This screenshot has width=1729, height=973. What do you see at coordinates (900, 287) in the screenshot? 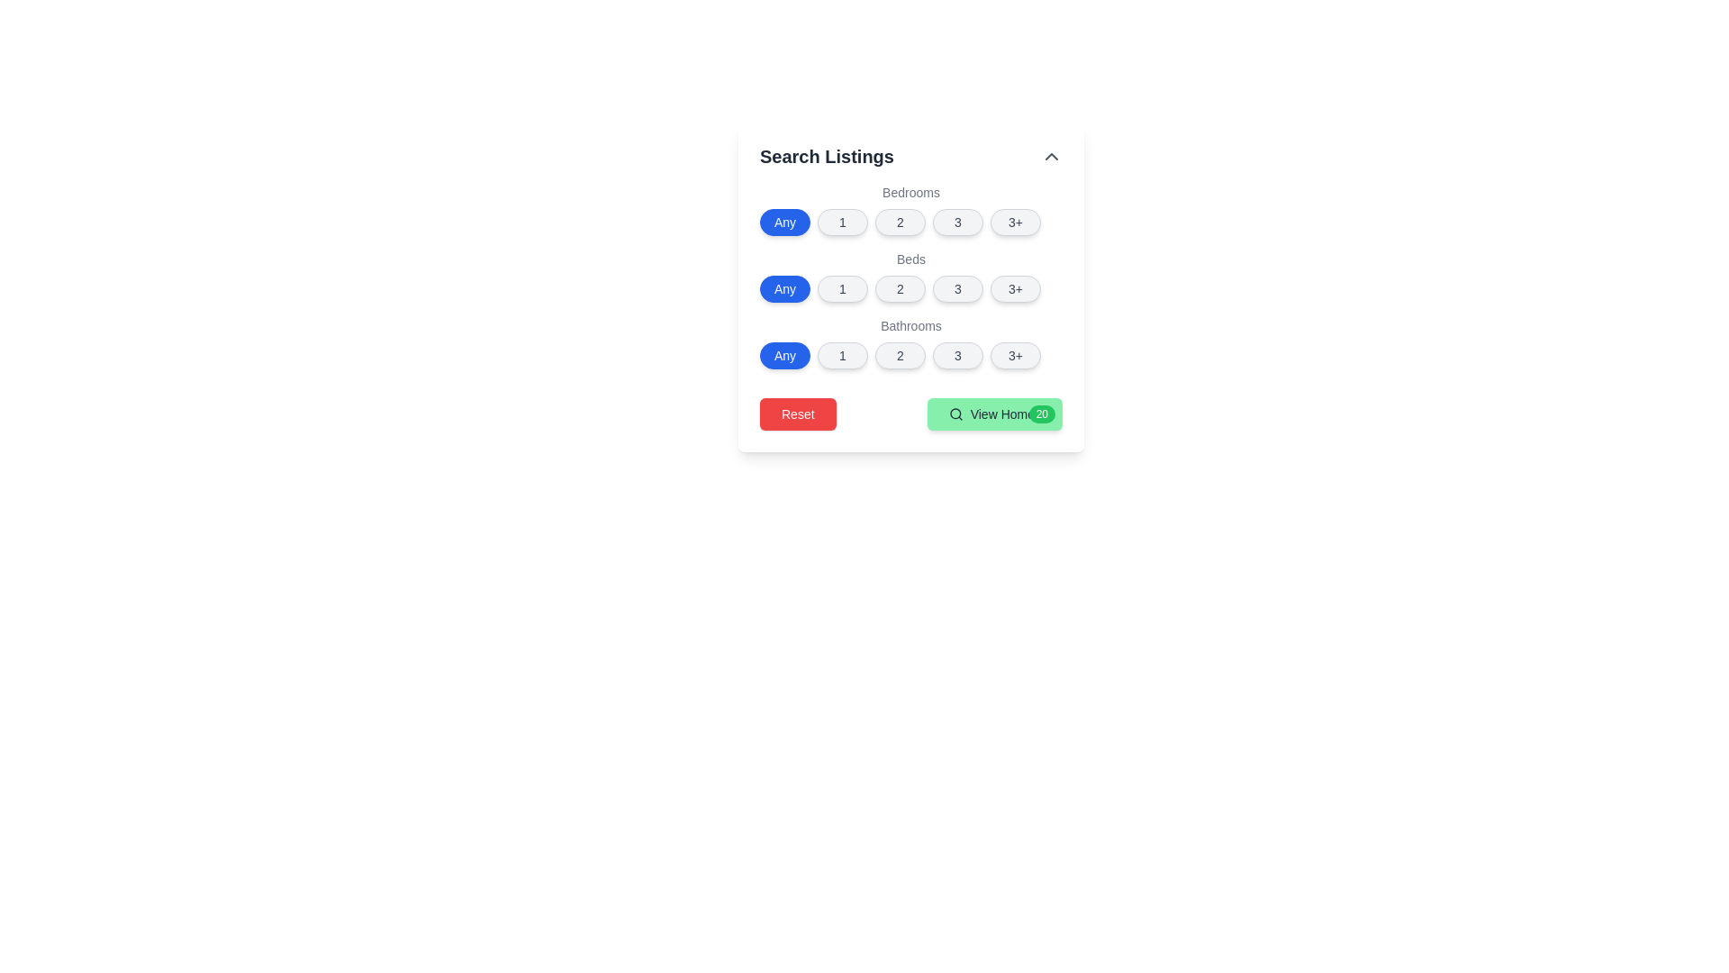
I see `the button labeled '2' in the 'Beds' row for accessibility purposes` at bounding box center [900, 287].